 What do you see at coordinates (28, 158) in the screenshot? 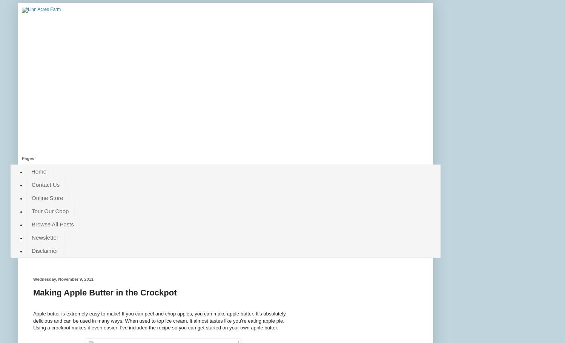
I see `'Pages'` at bounding box center [28, 158].